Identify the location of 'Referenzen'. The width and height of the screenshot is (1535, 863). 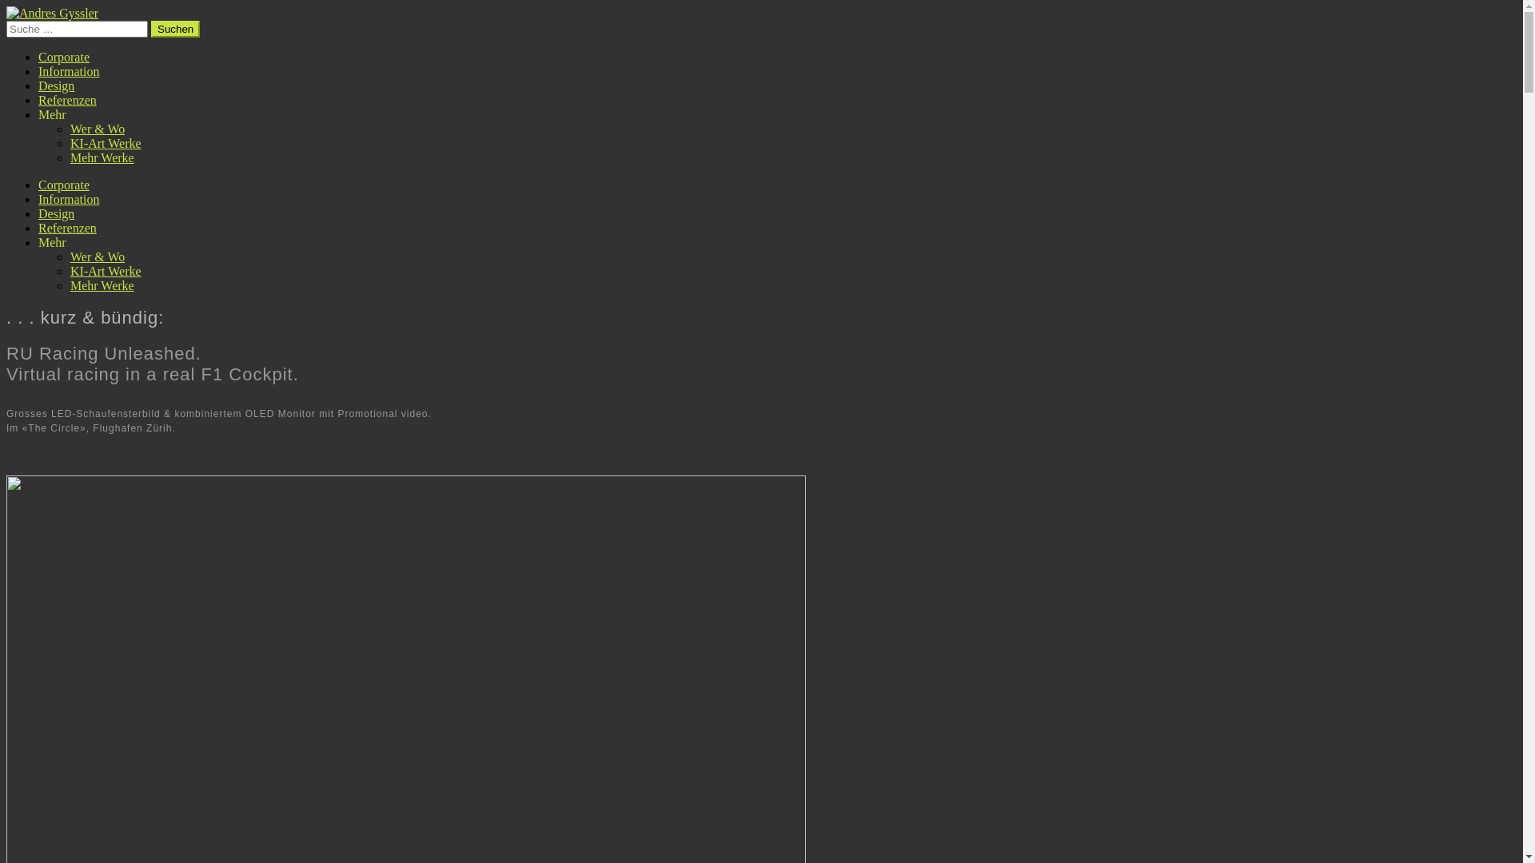
(66, 228).